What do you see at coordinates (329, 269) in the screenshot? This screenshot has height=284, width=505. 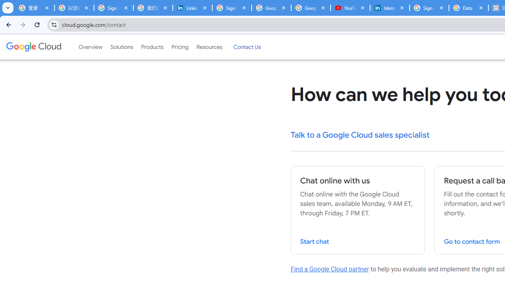 I see `'Find a Google Cloud partner'` at bounding box center [329, 269].